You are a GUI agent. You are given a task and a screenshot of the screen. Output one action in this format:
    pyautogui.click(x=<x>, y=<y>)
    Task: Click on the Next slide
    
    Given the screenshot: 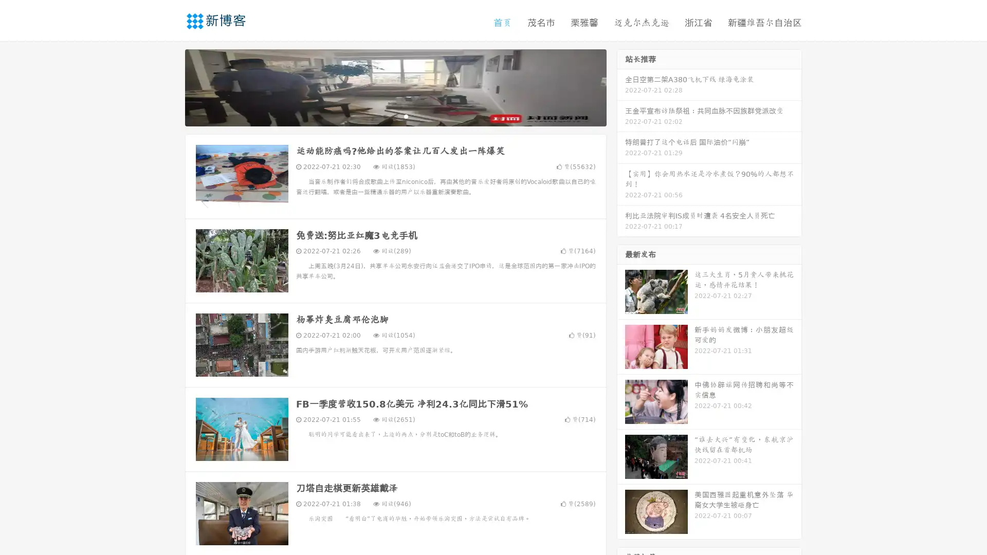 What is the action you would take?
    pyautogui.click(x=621, y=86)
    